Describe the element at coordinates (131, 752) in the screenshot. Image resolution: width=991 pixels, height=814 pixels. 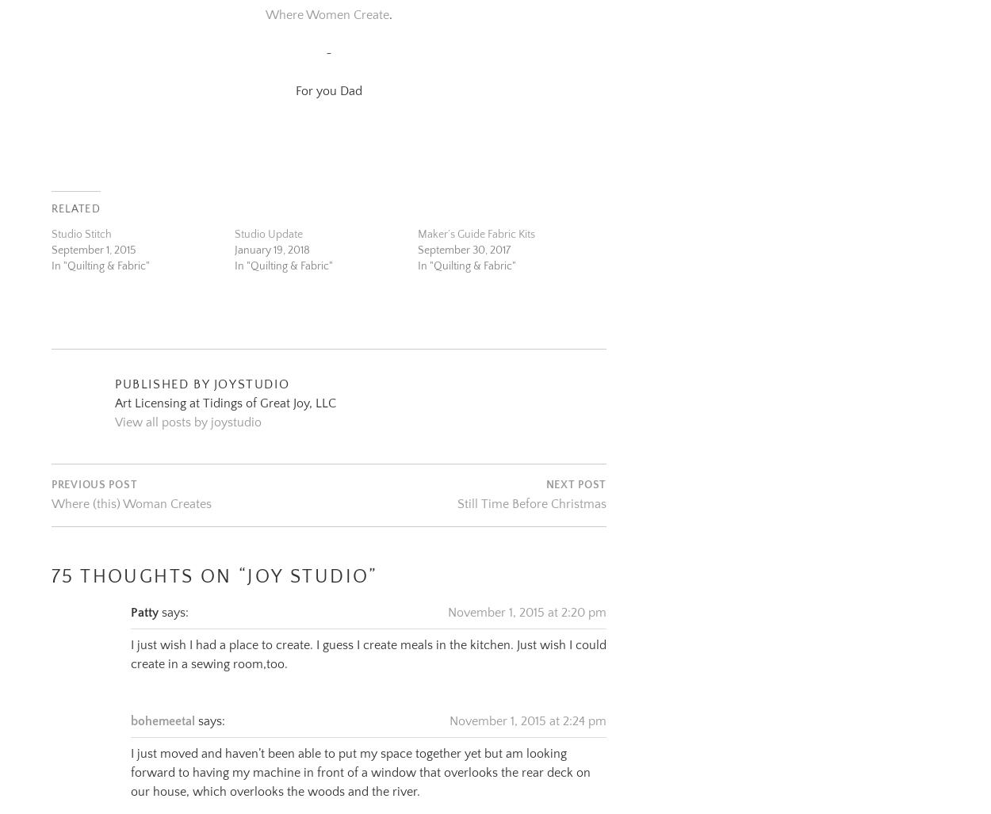
I see `'I just moved and haven’t been able to put my space together yet but am looking forward to having my machine in front of a window that overlooks the rear deck on our house, which overlooks the woods and the river.'` at that location.